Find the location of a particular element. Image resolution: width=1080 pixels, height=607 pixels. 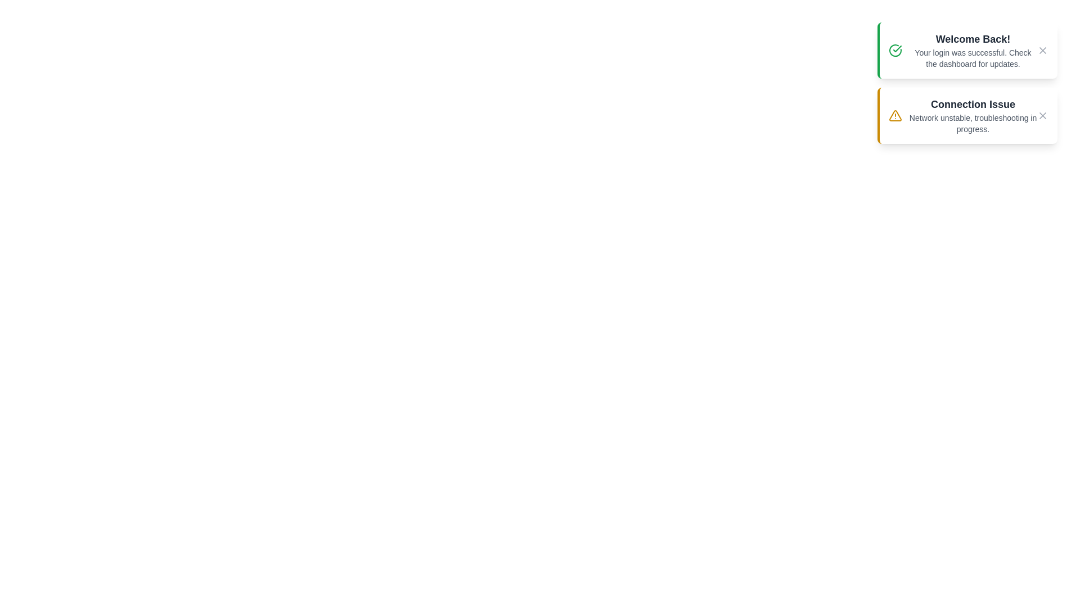

the notification area to trigger hover effects is located at coordinates (966, 49).